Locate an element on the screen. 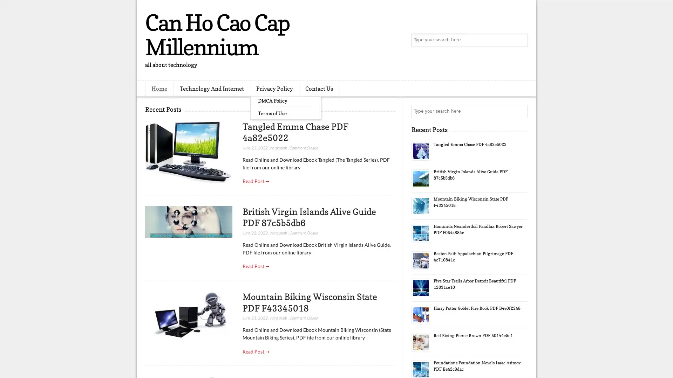  Search is located at coordinates (521, 40).